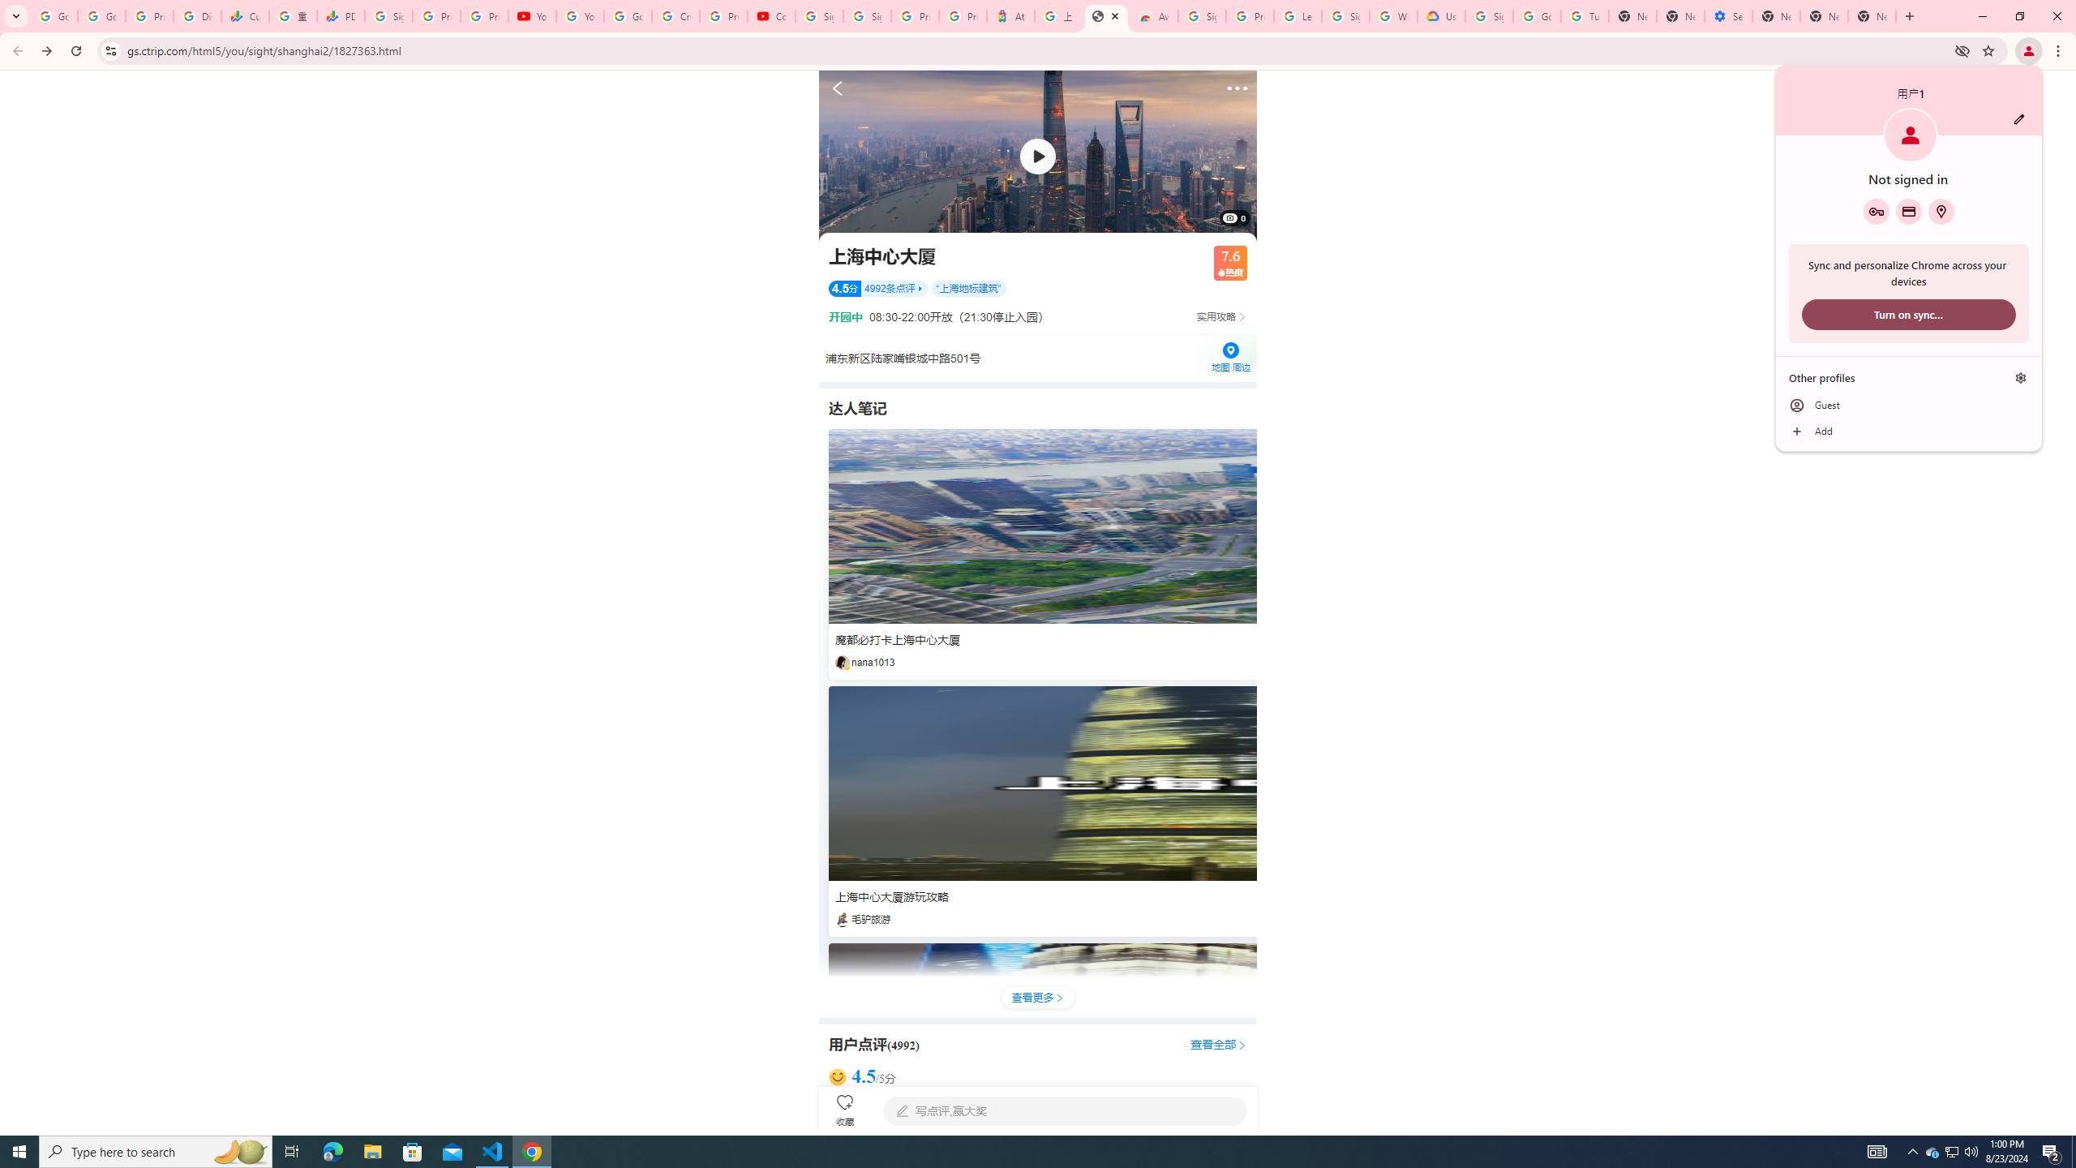  Describe the element at coordinates (1940, 211) in the screenshot. I see `'Addresses and more'` at that location.